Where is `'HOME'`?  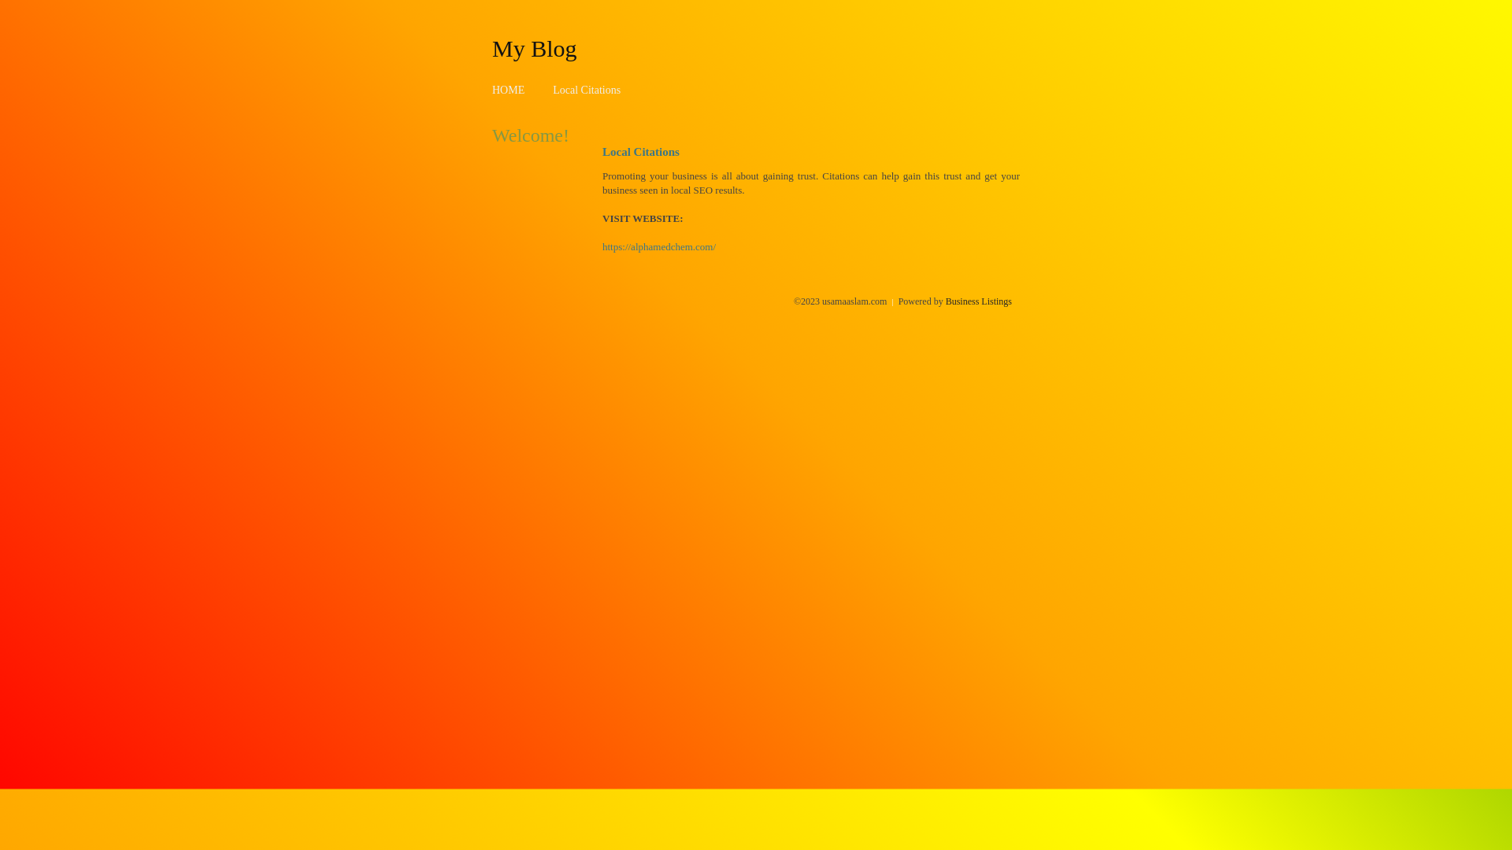
'HOME' is located at coordinates (508, 90).